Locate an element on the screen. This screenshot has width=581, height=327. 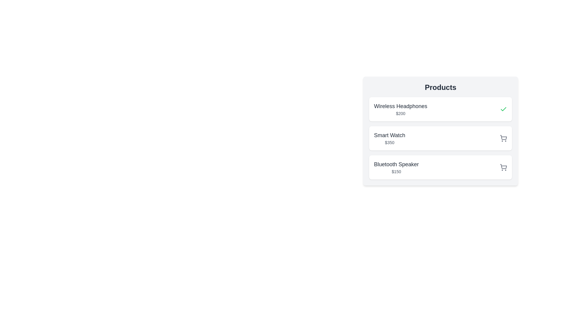
the confirmation icon for the 'Wireless Headphones' item located at the far right of its row in the product list section is located at coordinates (504, 108).